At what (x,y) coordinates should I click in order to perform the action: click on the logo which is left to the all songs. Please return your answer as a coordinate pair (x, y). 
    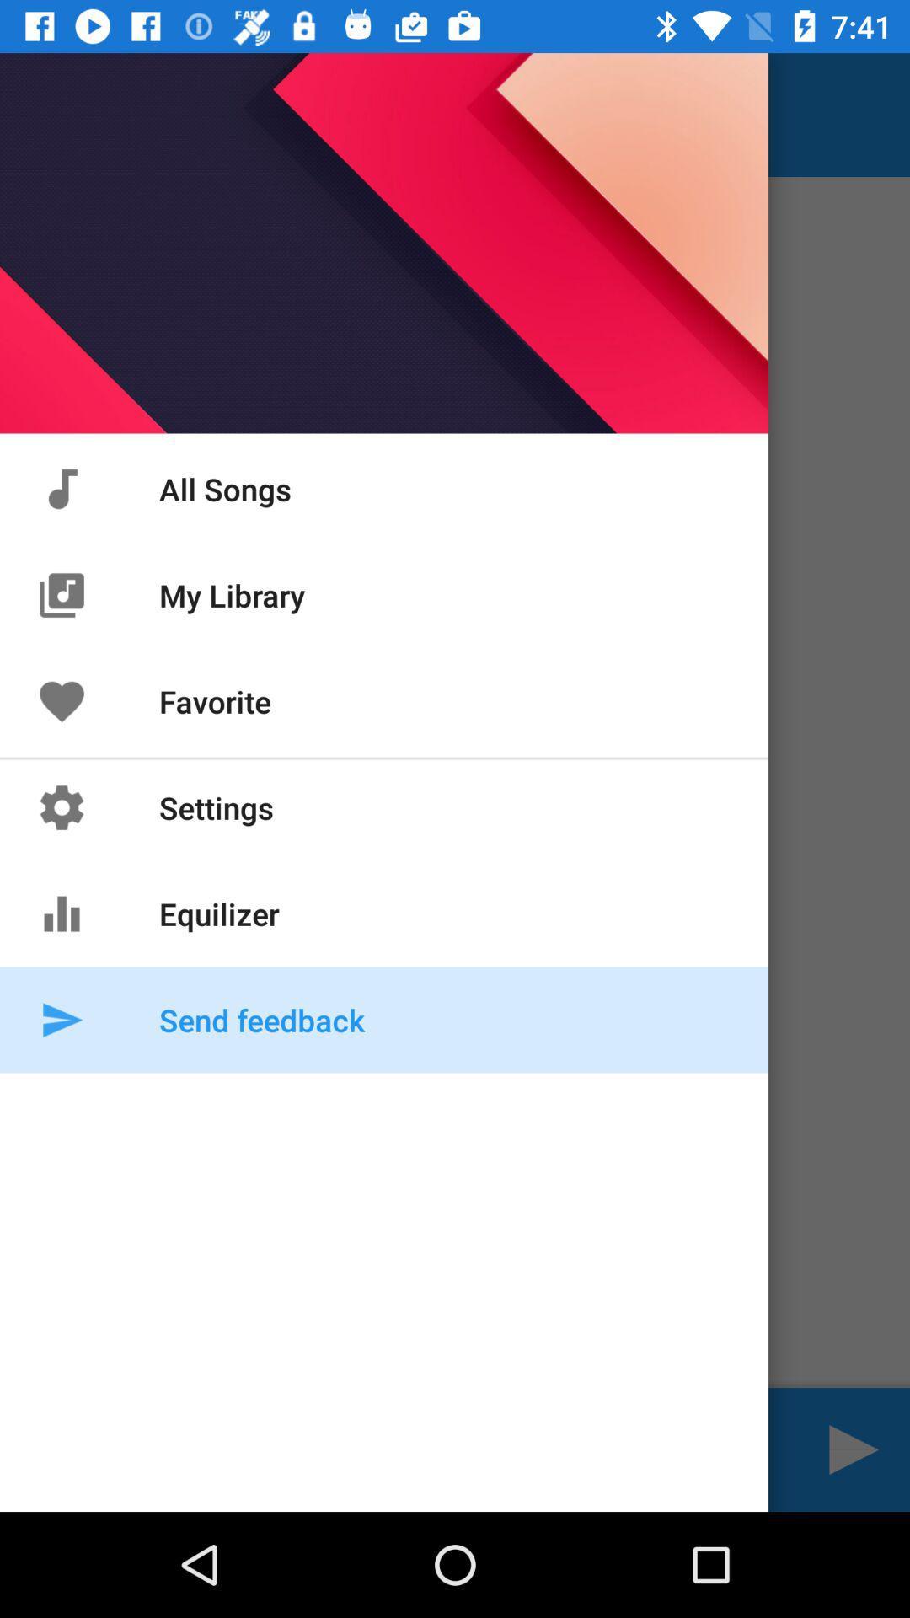
    Looking at the image, I should click on (61, 488).